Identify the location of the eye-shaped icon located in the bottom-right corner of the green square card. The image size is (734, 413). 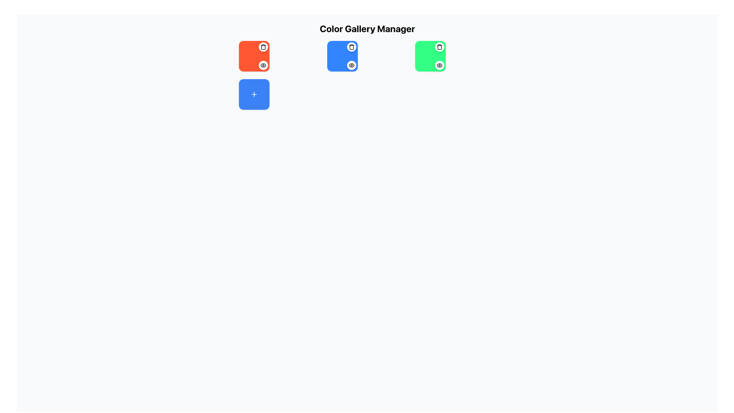
(440, 65).